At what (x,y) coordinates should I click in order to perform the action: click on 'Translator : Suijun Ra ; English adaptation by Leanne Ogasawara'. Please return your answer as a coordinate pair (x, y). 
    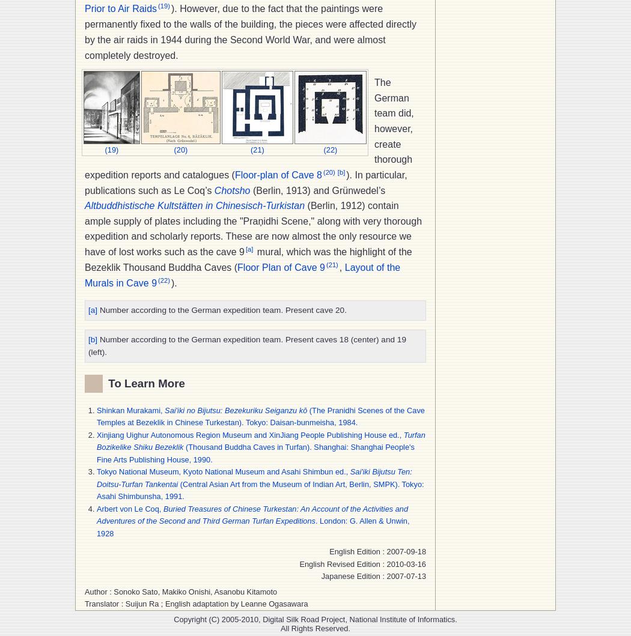
    Looking at the image, I should click on (84, 602).